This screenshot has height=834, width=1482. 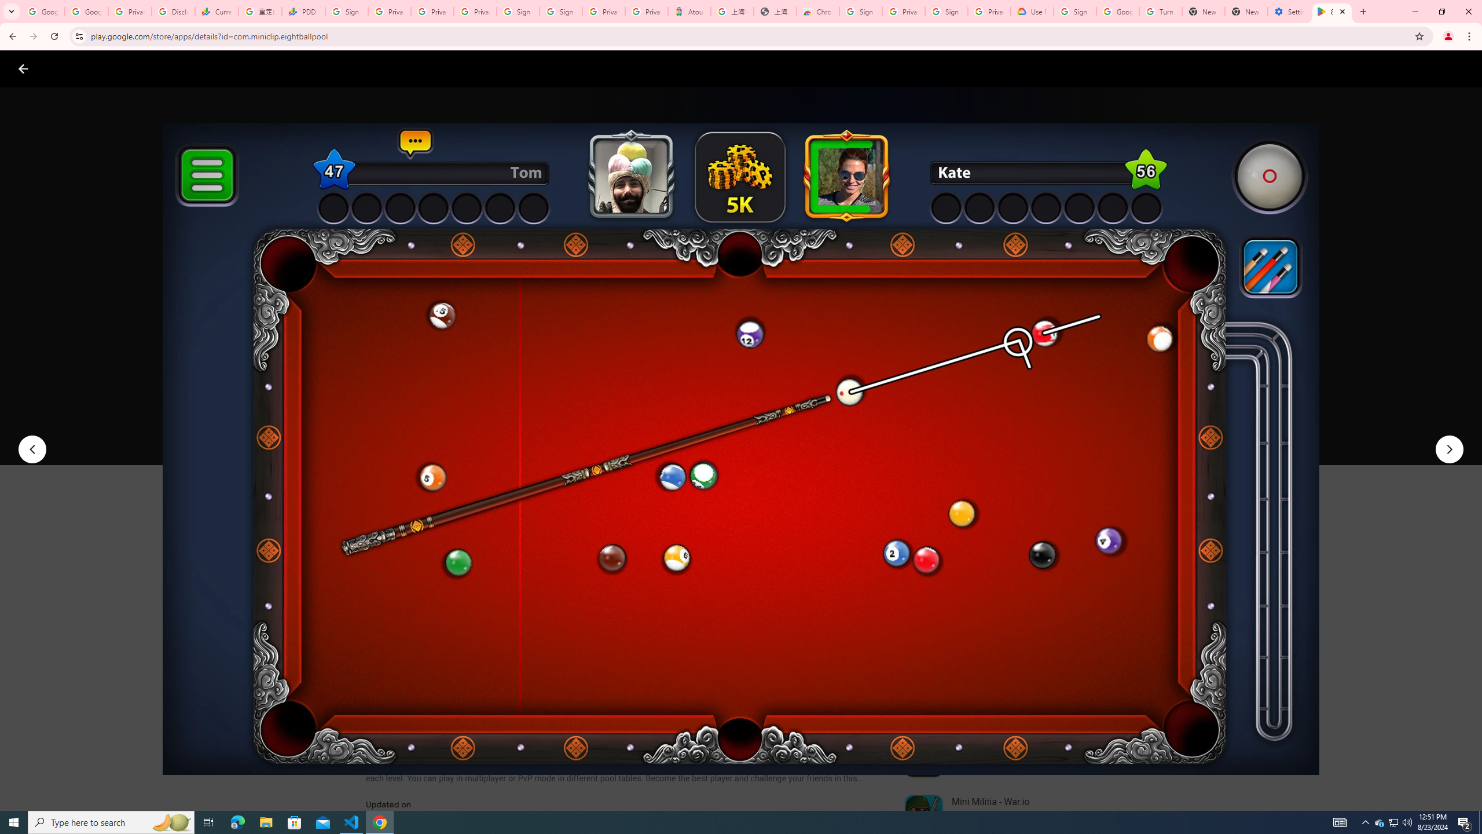 I want to click on 'Currencies - Google Finance', so click(x=215, y=11).